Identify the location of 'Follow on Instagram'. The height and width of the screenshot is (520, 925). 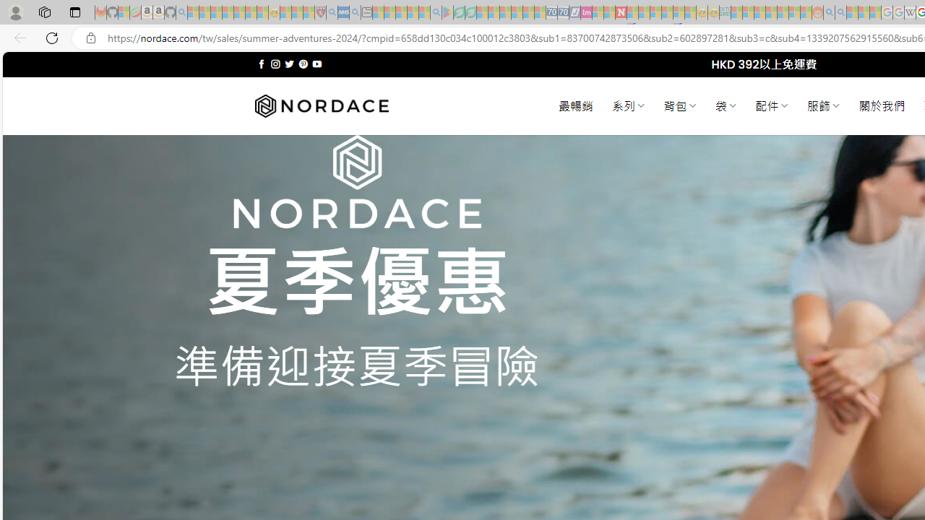
(275, 64).